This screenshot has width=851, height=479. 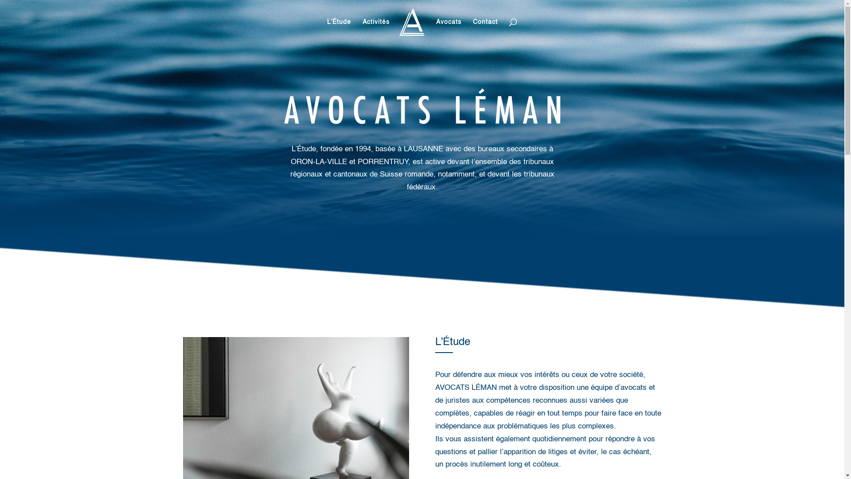 What do you see at coordinates (484, 30) in the screenshot?
I see `'Contact'` at bounding box center [484, 30].